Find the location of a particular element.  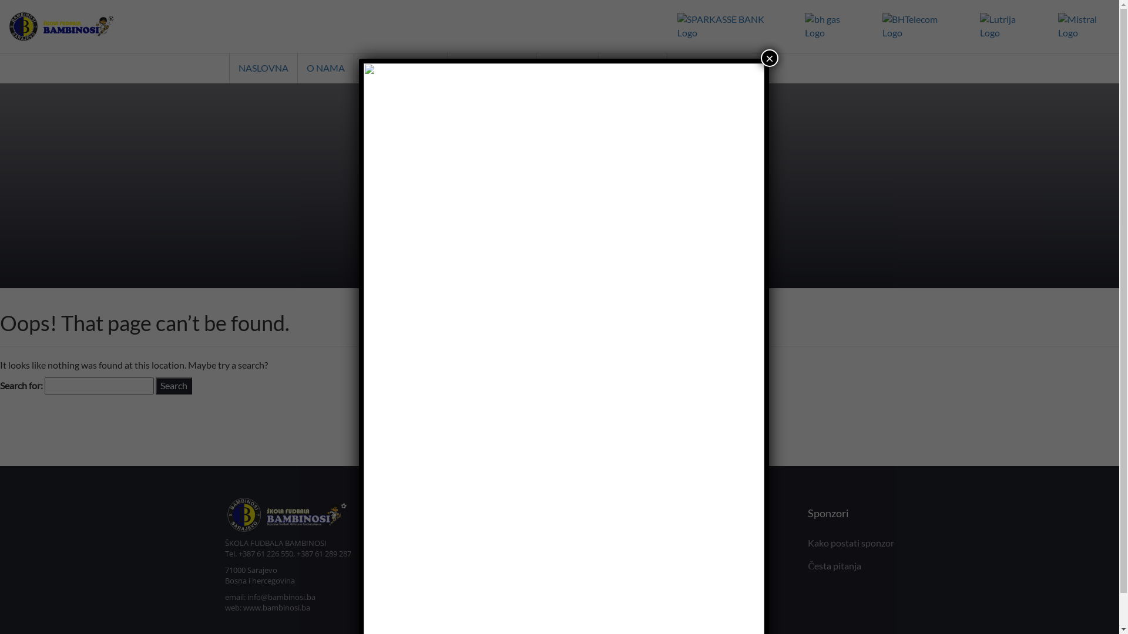

'INFORMACIJE' is located at coordinates (491, 68).